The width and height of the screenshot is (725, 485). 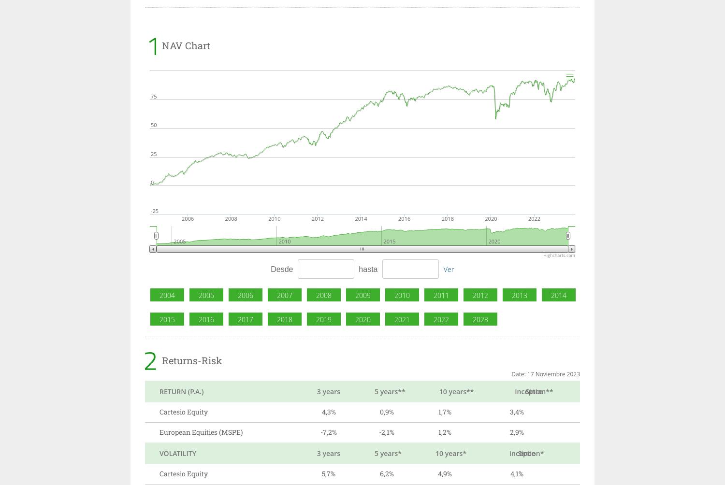 I want to click on '5,7%', so click(x=328, y=473).